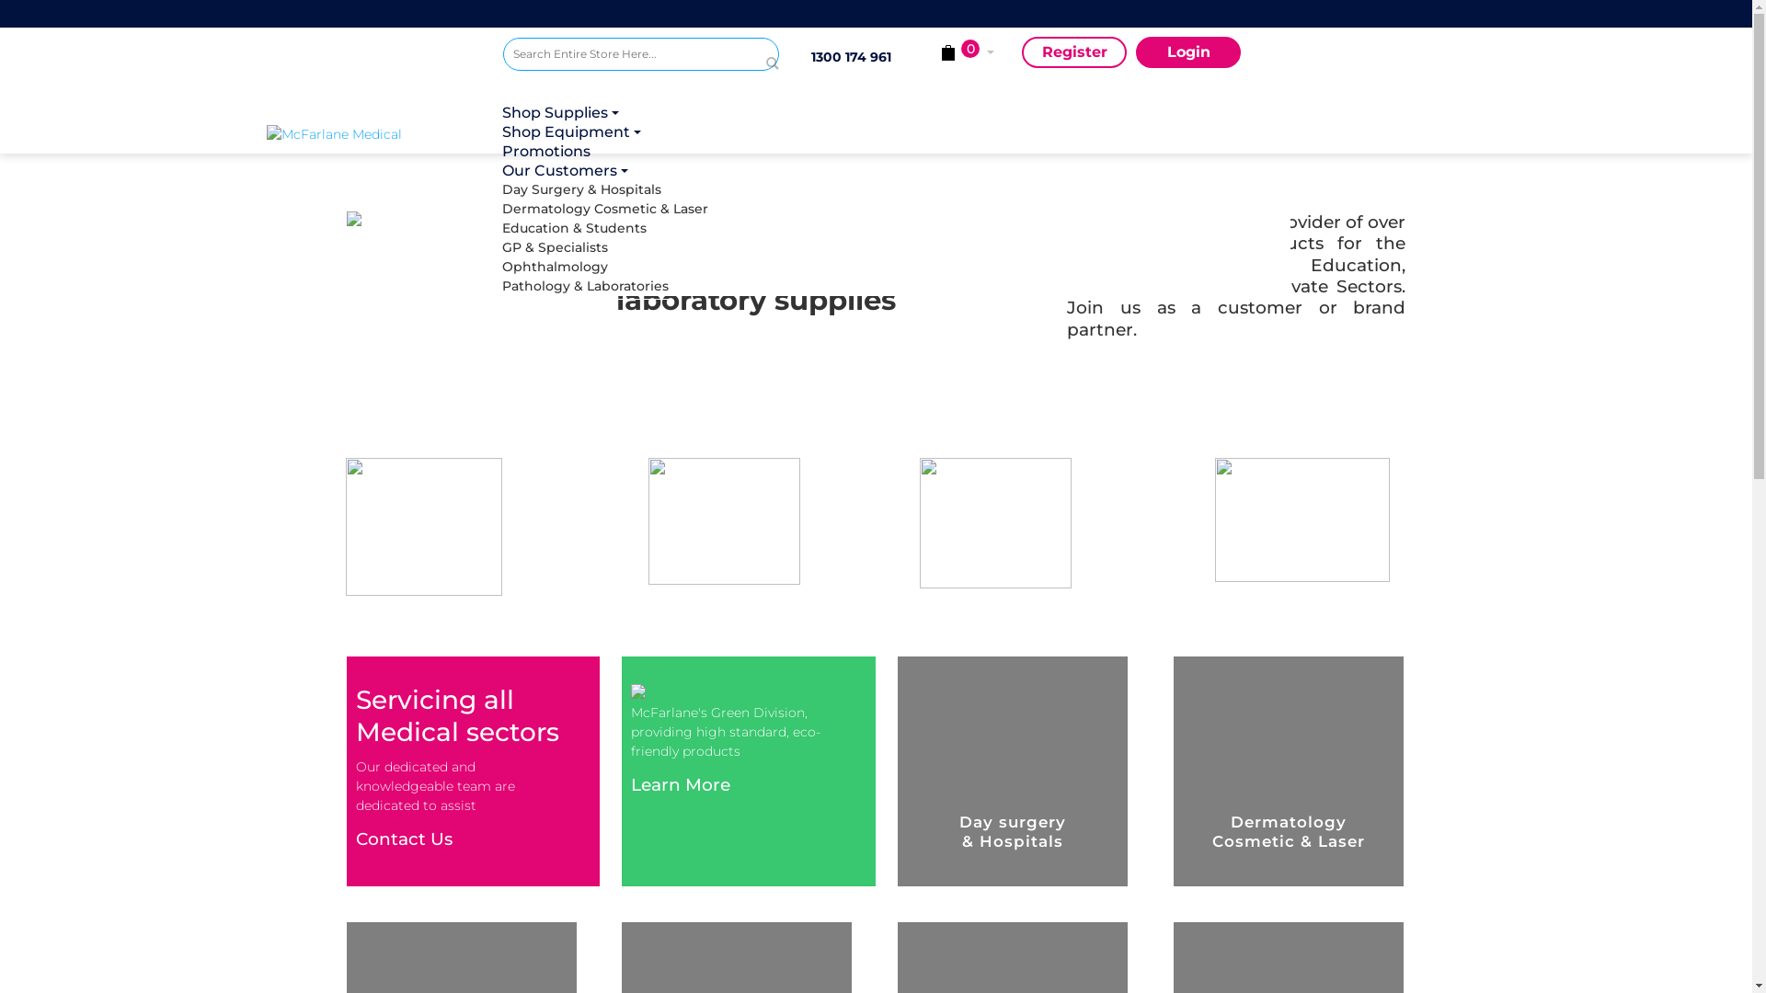  What do you see at coordinates (1187, 51) in the screenshot?
I see `'Login'` at bounding box center [1187, 51].